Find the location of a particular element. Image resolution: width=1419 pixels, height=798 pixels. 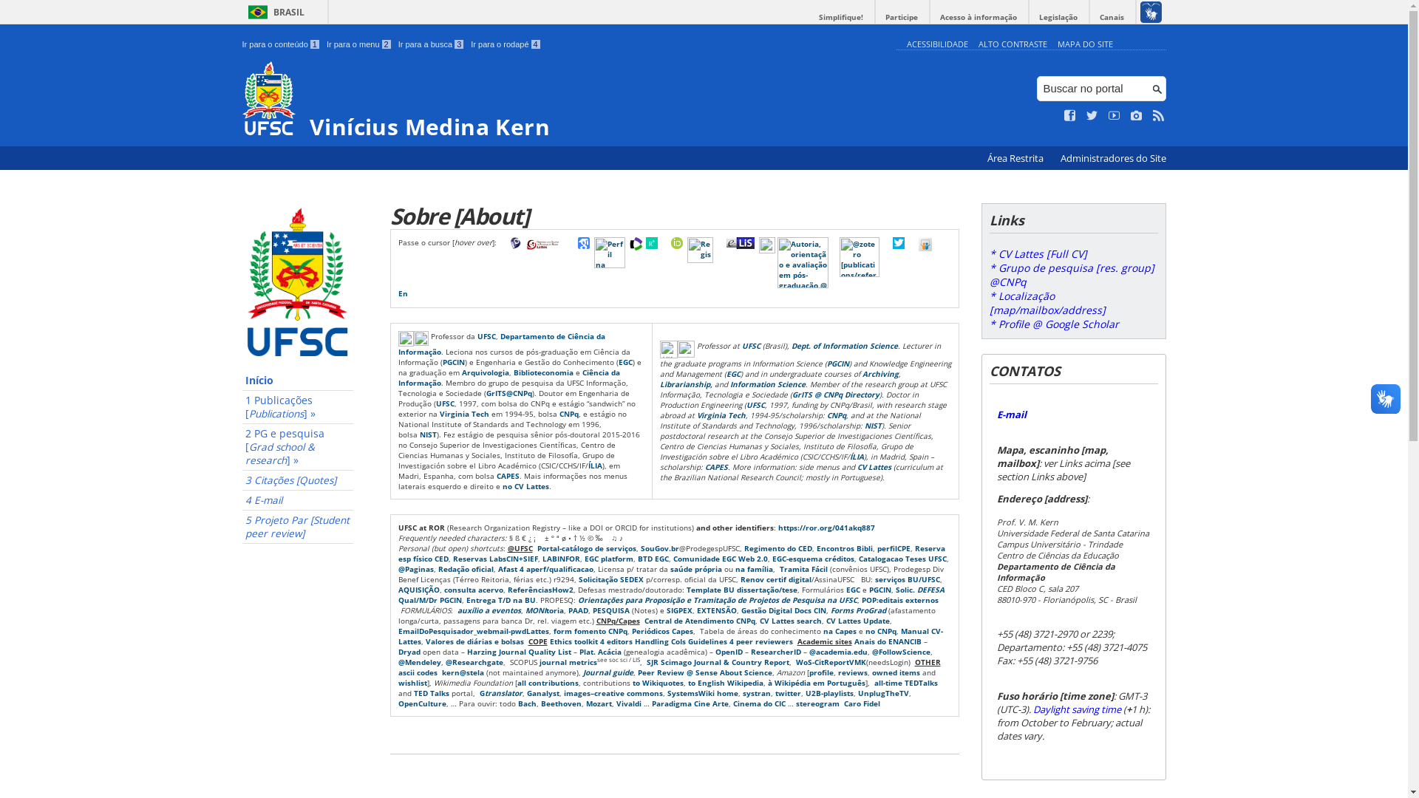

'Reservas LabsCIN+SIEF' is located at coordinates (494, 559).